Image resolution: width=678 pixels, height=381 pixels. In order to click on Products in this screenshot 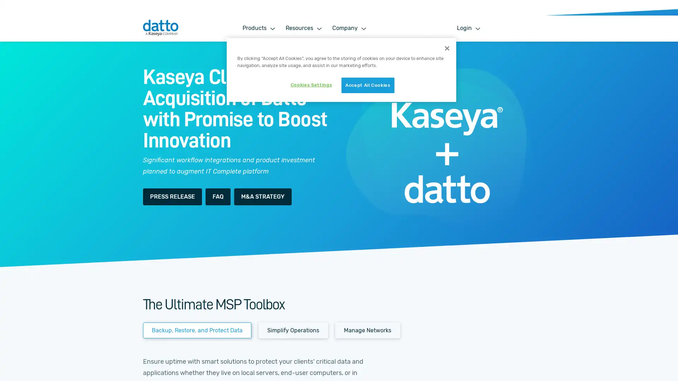, I will do `click(252, 28)`.